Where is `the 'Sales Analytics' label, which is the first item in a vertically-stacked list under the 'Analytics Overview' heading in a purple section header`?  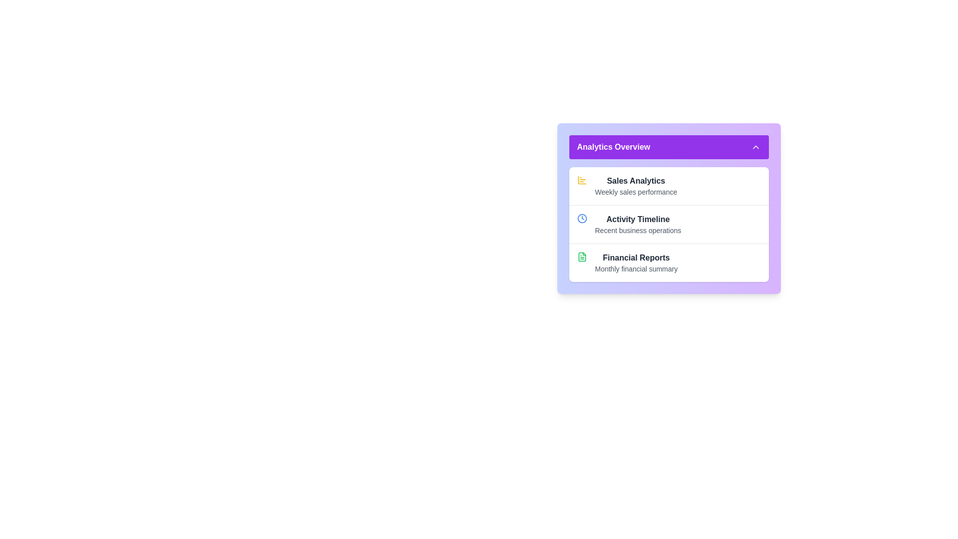 the 'Sales Analytics' label, which is the first item in a vertically-stacked list under the 'Analytics Overview' heading in a purple section header is located at coordinates (635, 186).